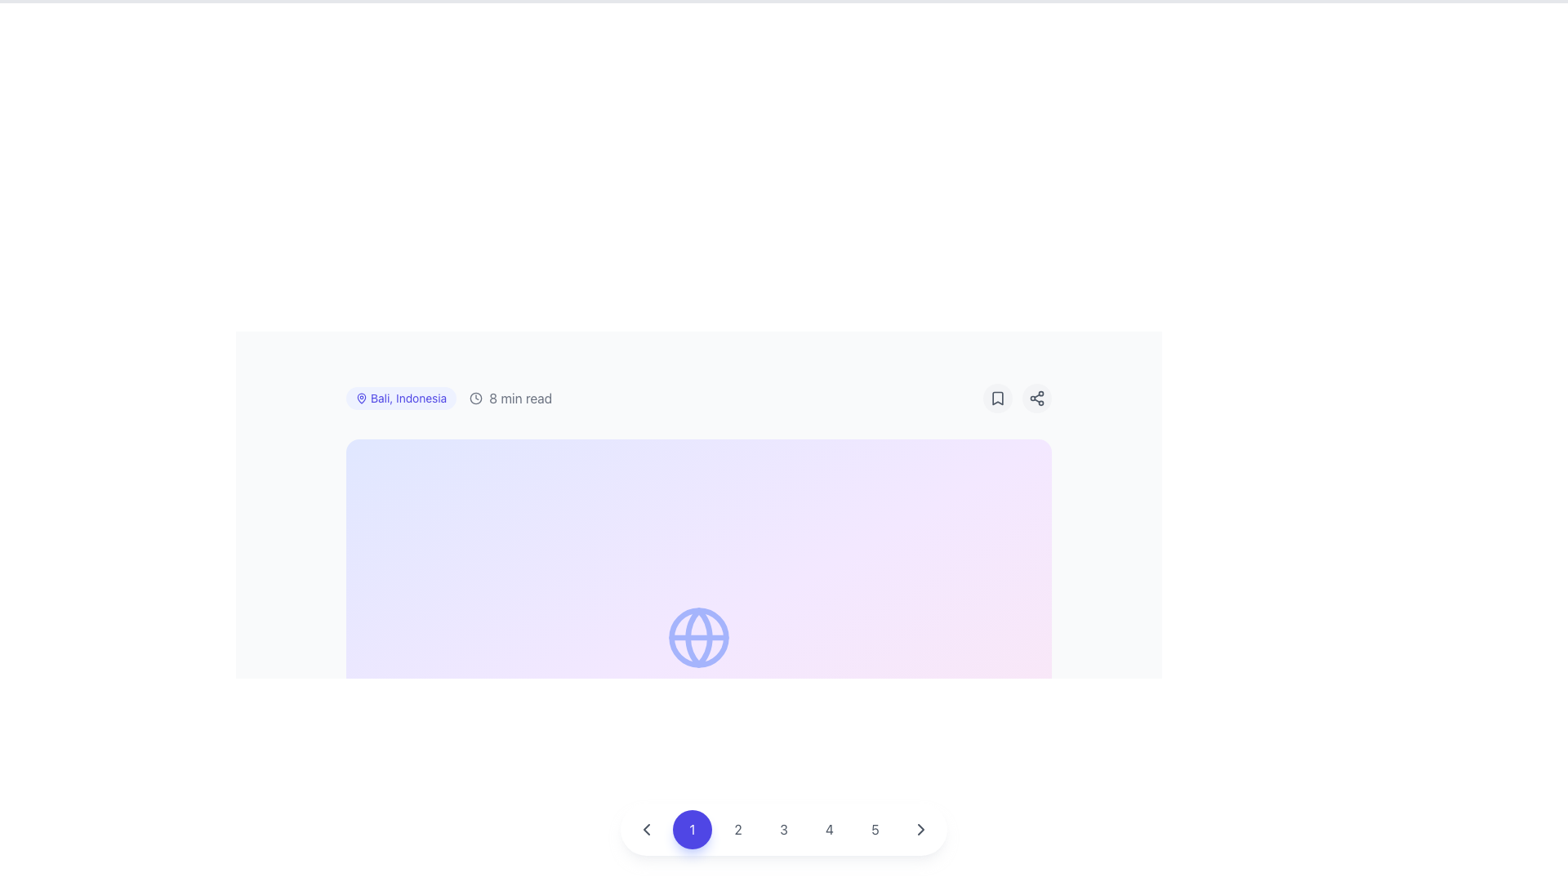  Describe the element at coordinates (646, 829) in the screenshot. I see `the left chevron icon button, which is part of the carousel navigation control located at the bottom center of the interface` at that location.